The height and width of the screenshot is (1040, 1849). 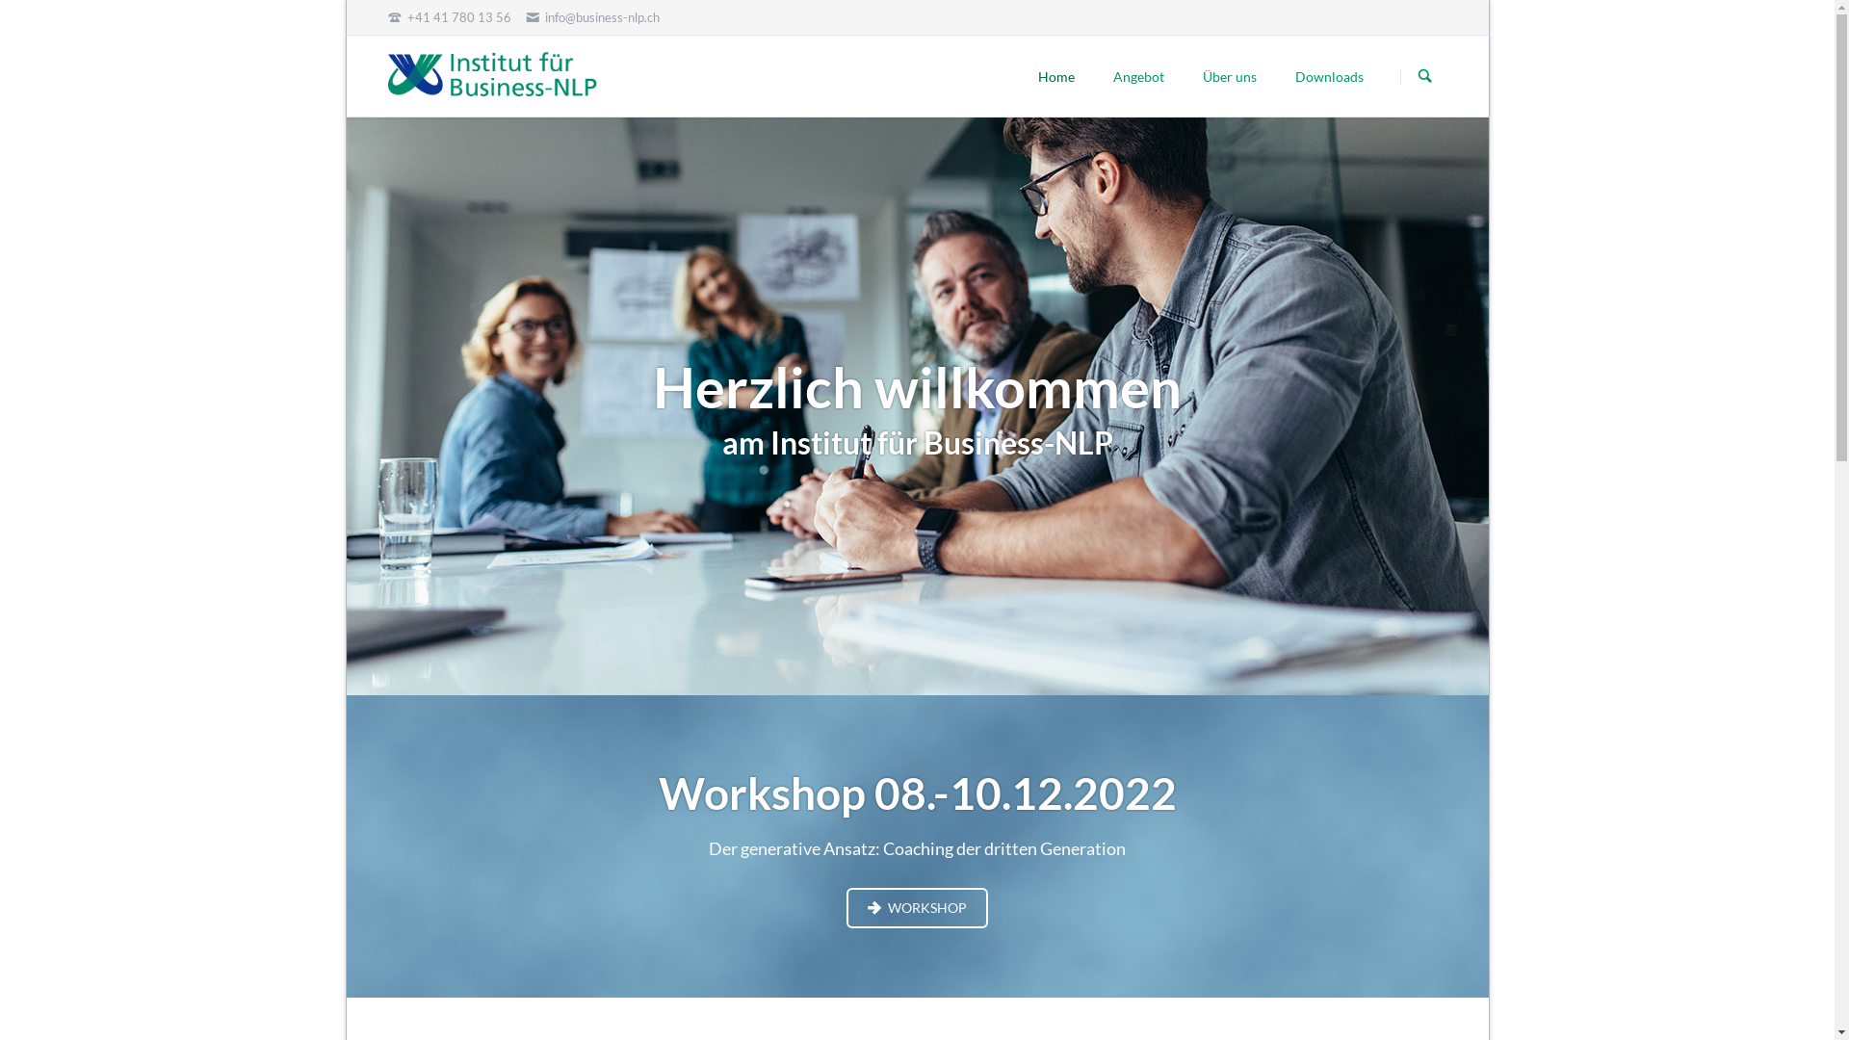 I want to click on 'Downloads', so click(x=1328, y=74).